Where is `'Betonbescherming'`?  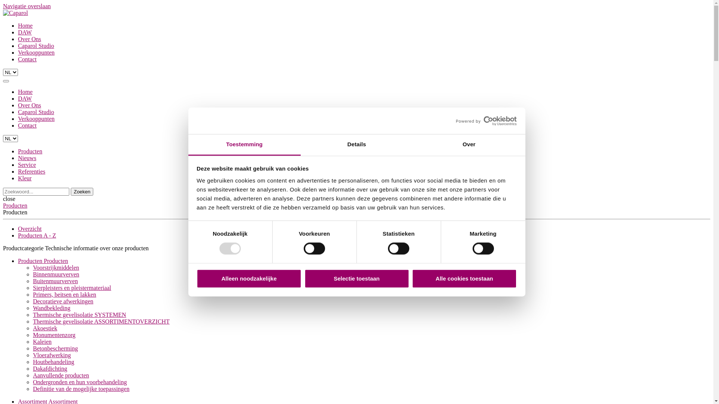
'Betonbescherming' is located at coordinates (55, 348).